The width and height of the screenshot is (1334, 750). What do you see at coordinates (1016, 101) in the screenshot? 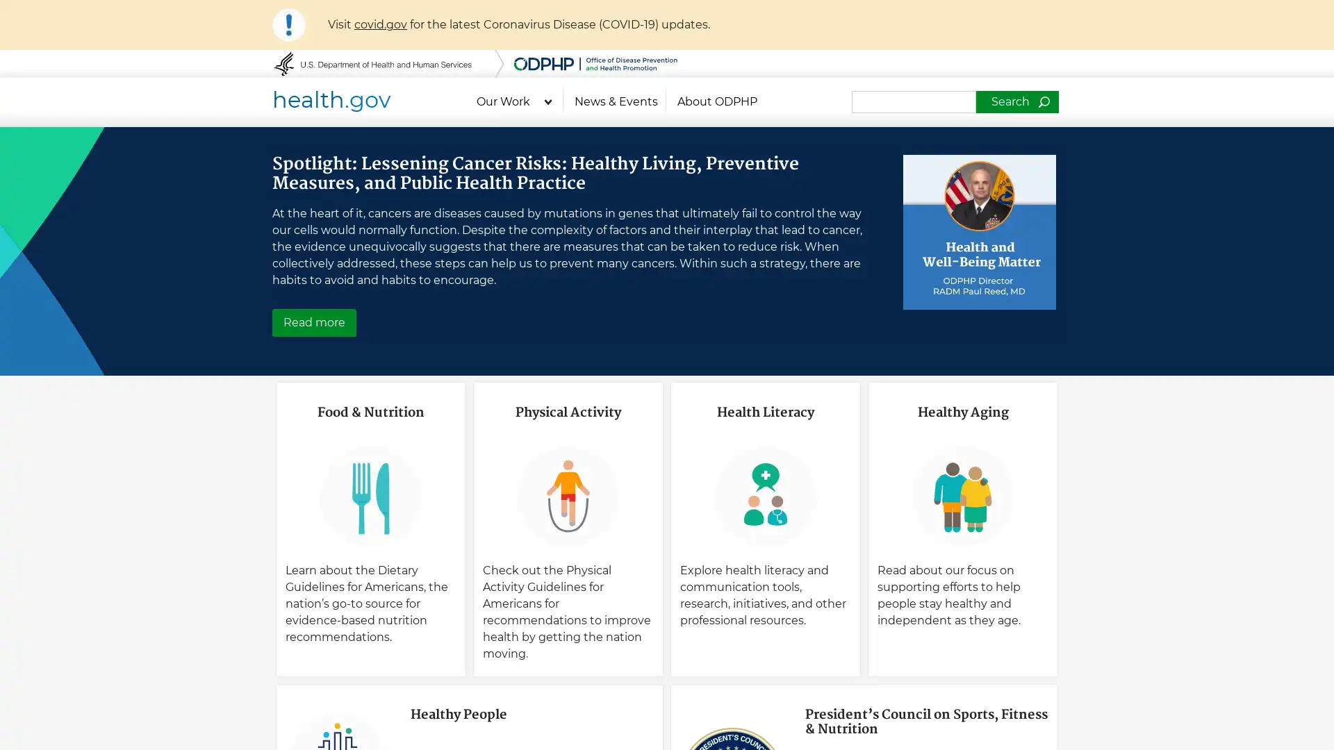
I see `Search` at bounding box center [1016, 101].